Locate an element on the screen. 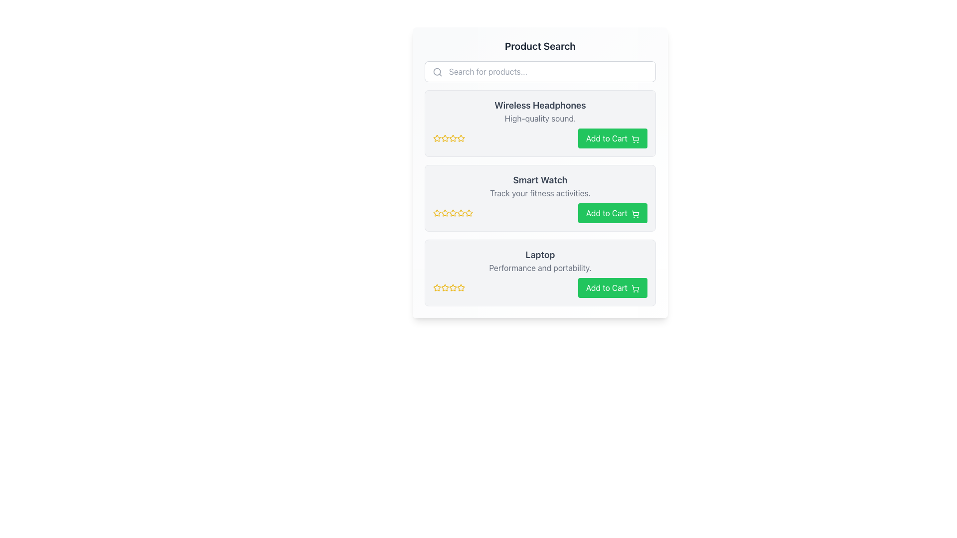  the third rating star icon in the series of star icons before the 'Add to Cart' button in the 'Smart Watch' product card is located at coordinates (444, 213).